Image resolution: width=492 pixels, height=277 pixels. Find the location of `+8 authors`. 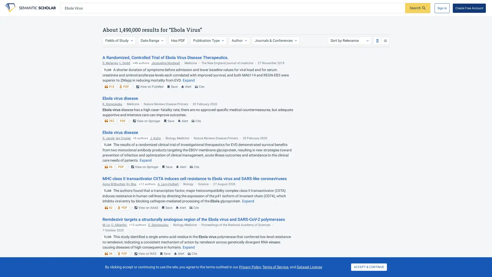

+8 authors is located at coordinates (140, 138).